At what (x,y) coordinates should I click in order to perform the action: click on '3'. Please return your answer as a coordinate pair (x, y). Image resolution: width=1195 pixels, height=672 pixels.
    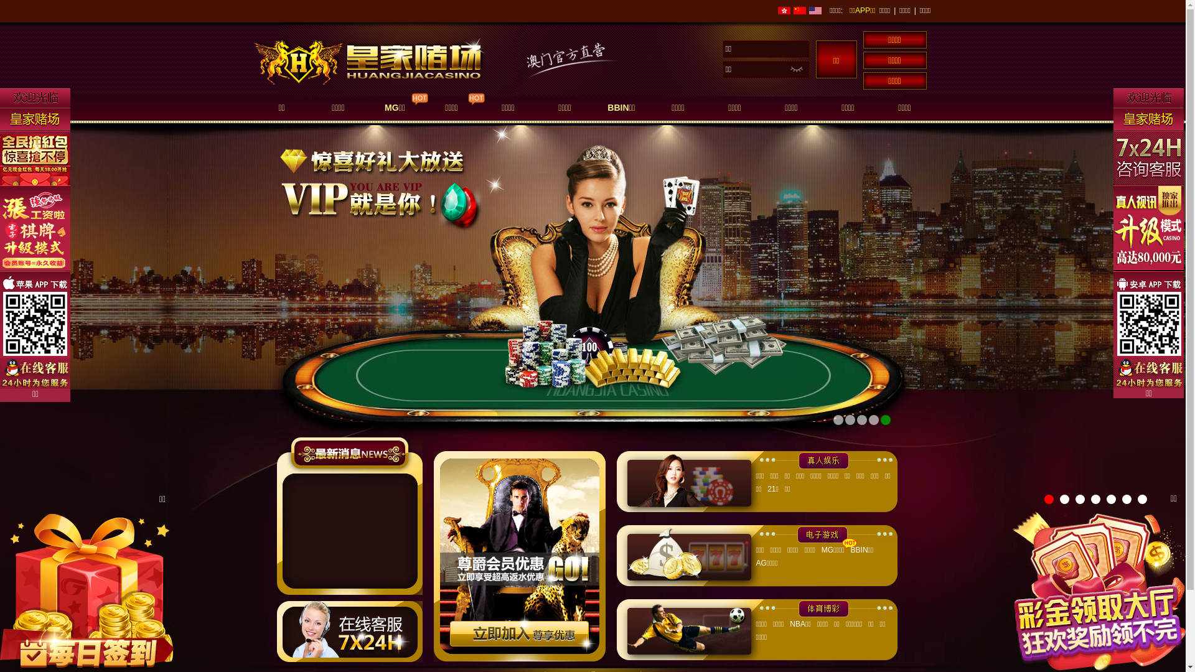
    Looking at the image, I should click on (1079, 498).